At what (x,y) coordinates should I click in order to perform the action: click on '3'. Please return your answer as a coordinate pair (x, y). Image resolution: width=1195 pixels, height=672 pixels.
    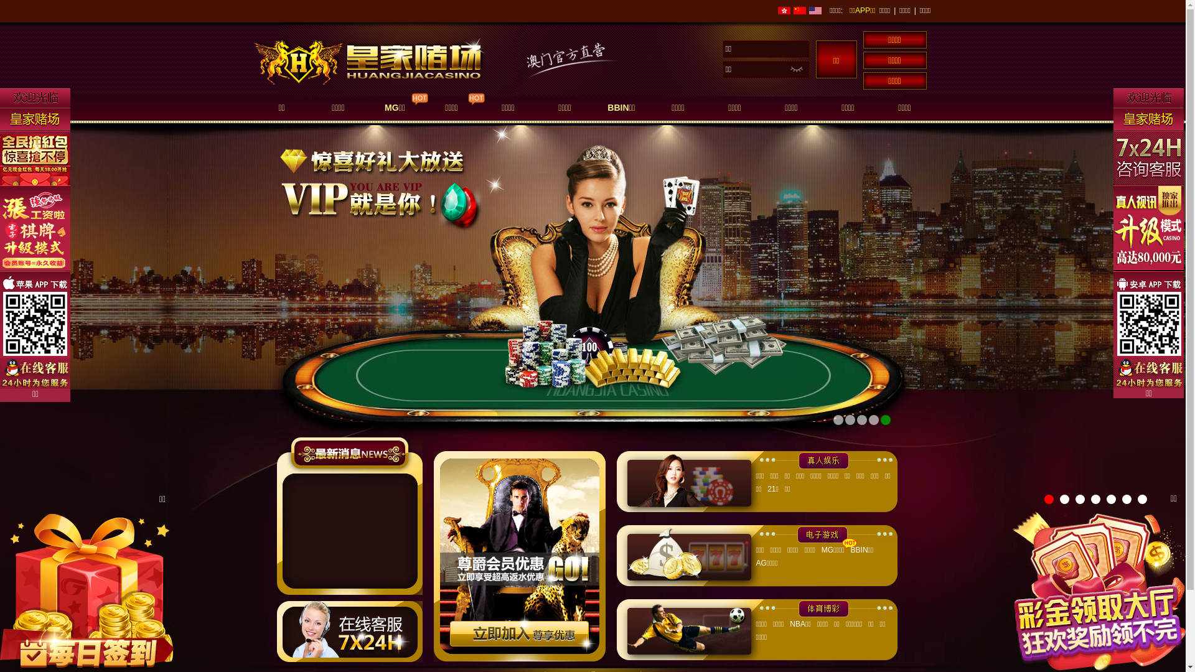
    Looking at the image, I should click on (1079, 498).